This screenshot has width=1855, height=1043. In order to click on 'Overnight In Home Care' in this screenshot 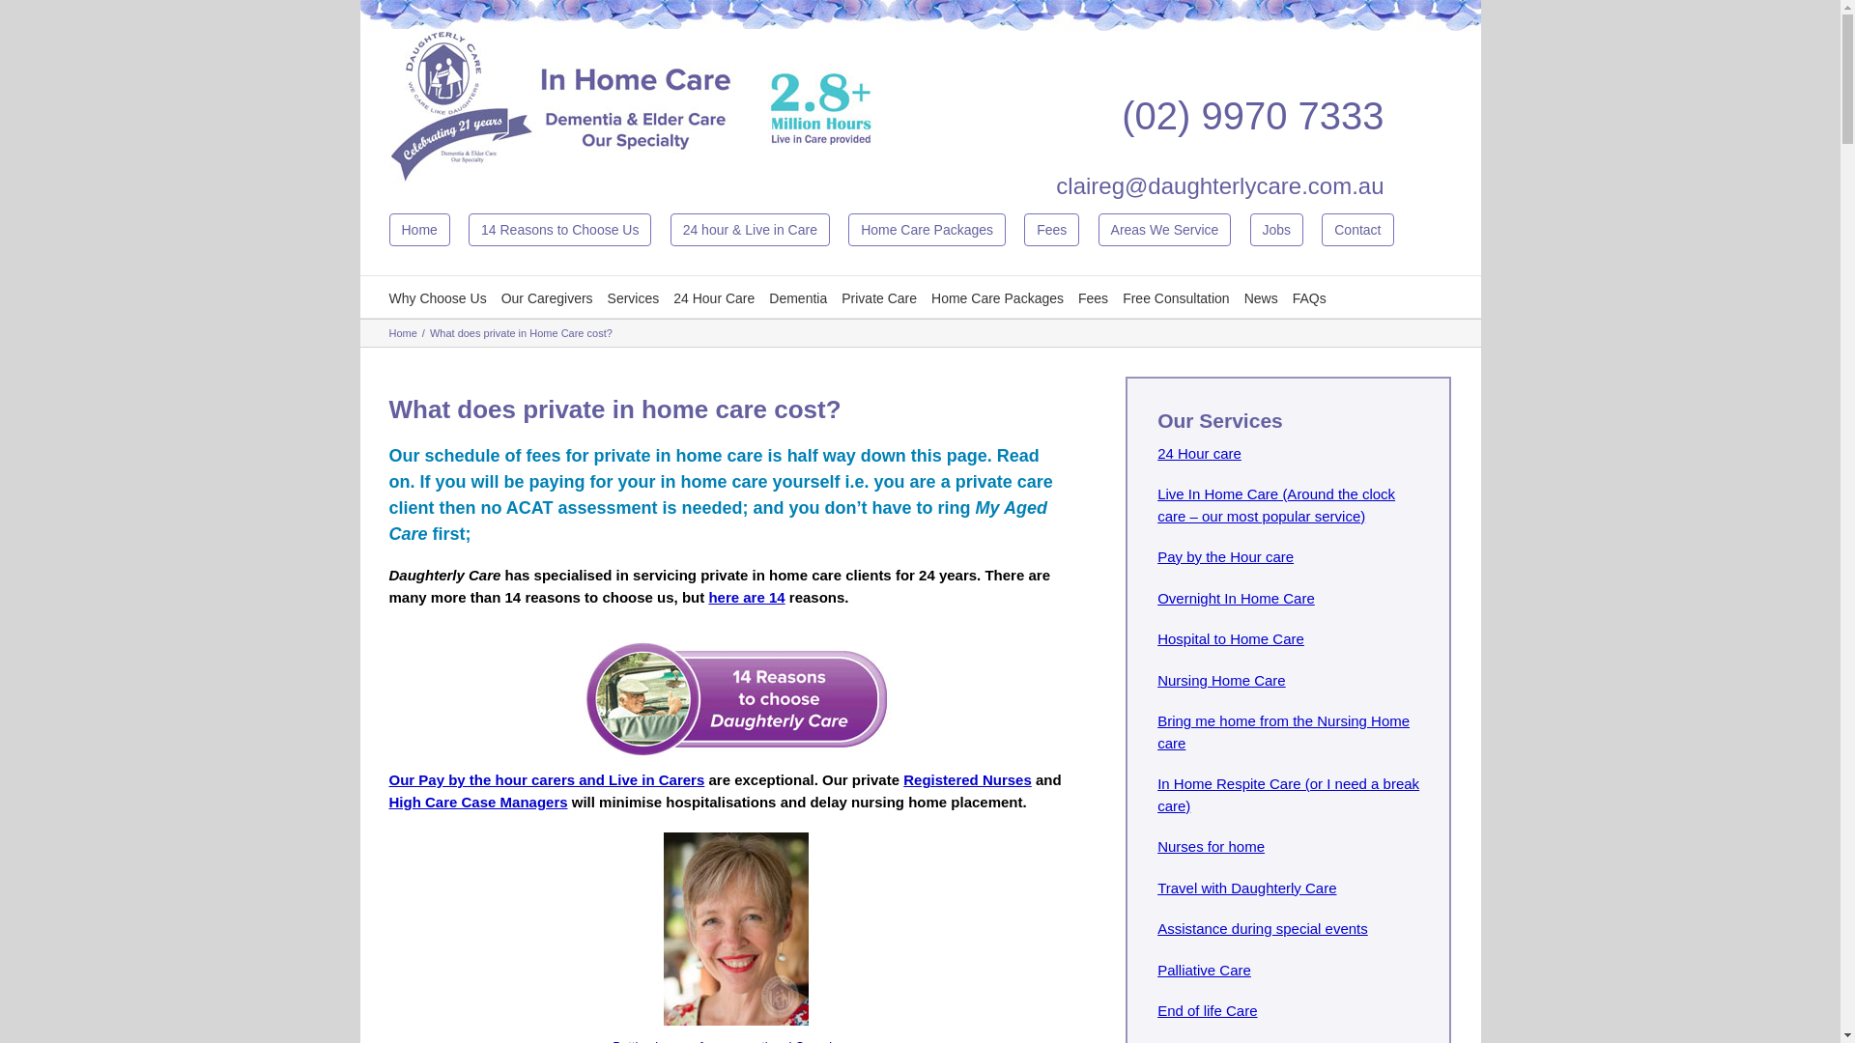, I will do `click(1157, 596)`.